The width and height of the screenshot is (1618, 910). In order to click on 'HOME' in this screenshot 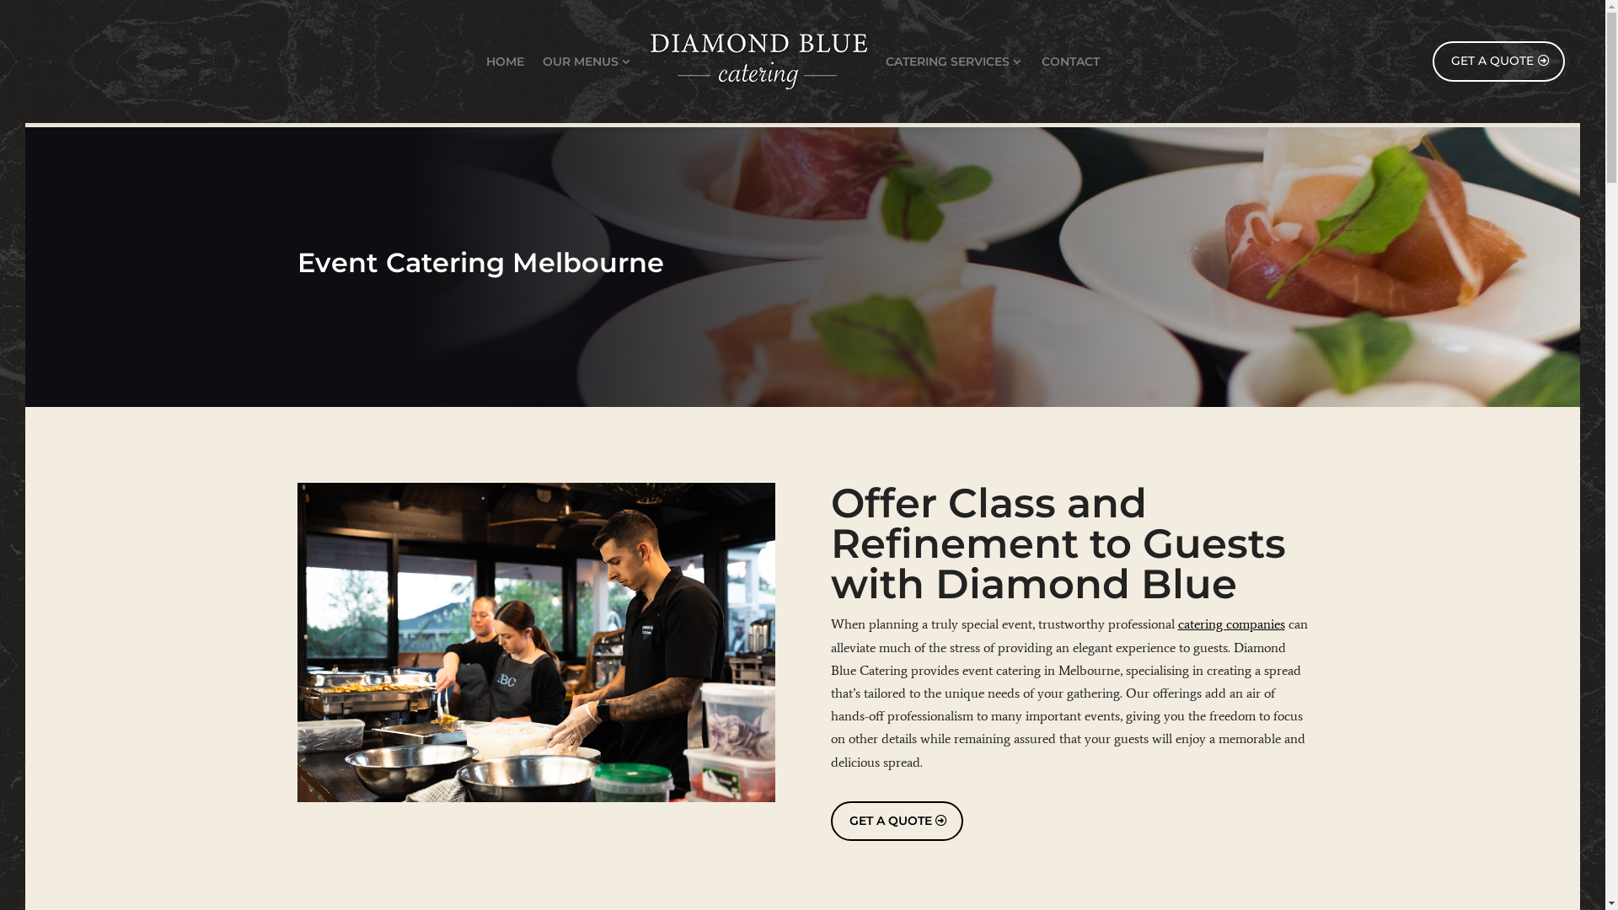, I will do `click(504, 61)`.